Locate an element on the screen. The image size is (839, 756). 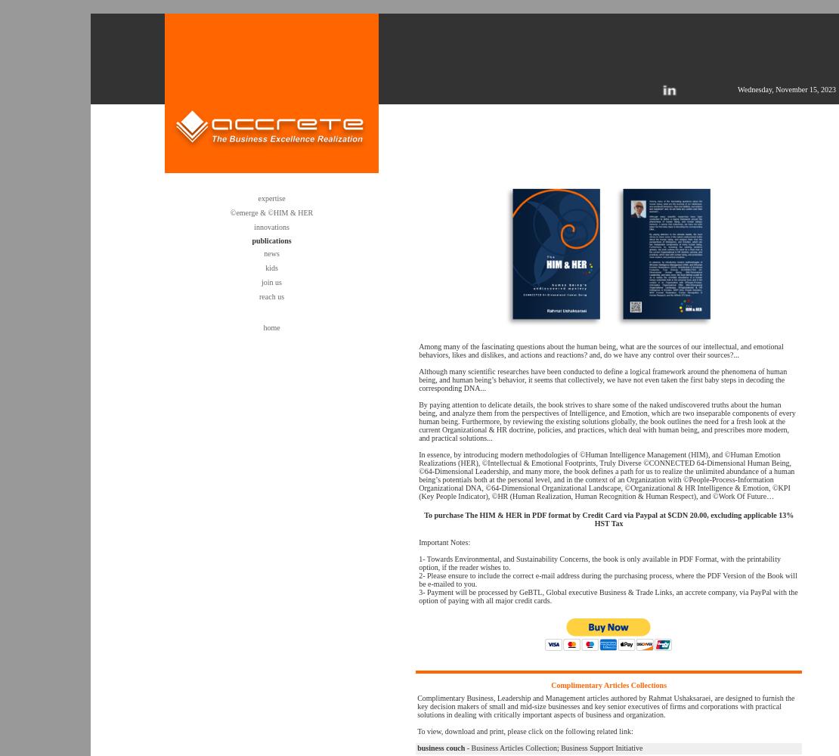
'To
purchase The HIM & HER in PDF format by Credit Card via Paypal
at $CDN 20.00, excluding applicable 13% HST Tax' is located at coordinates (608, 519).